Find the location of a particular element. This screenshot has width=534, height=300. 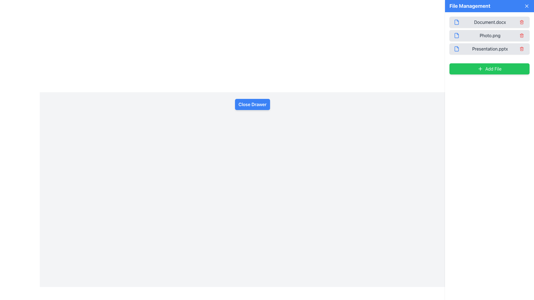

the file type icon representing 'Document.docx' located in the top-right corner of the file management panel is located at coordinates (456, 22).